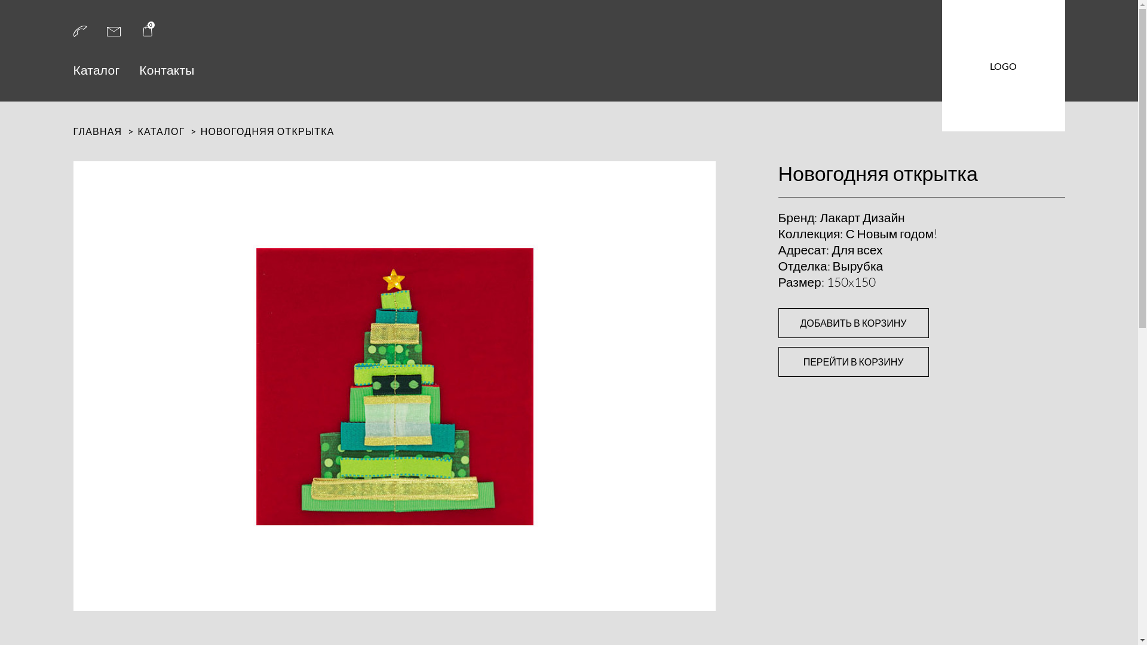 This screenshot has height=645, width=1147. What do you see at coordinates (146, 33) in the screenshot?
I see `'0'` at bounding box center [146, 33].